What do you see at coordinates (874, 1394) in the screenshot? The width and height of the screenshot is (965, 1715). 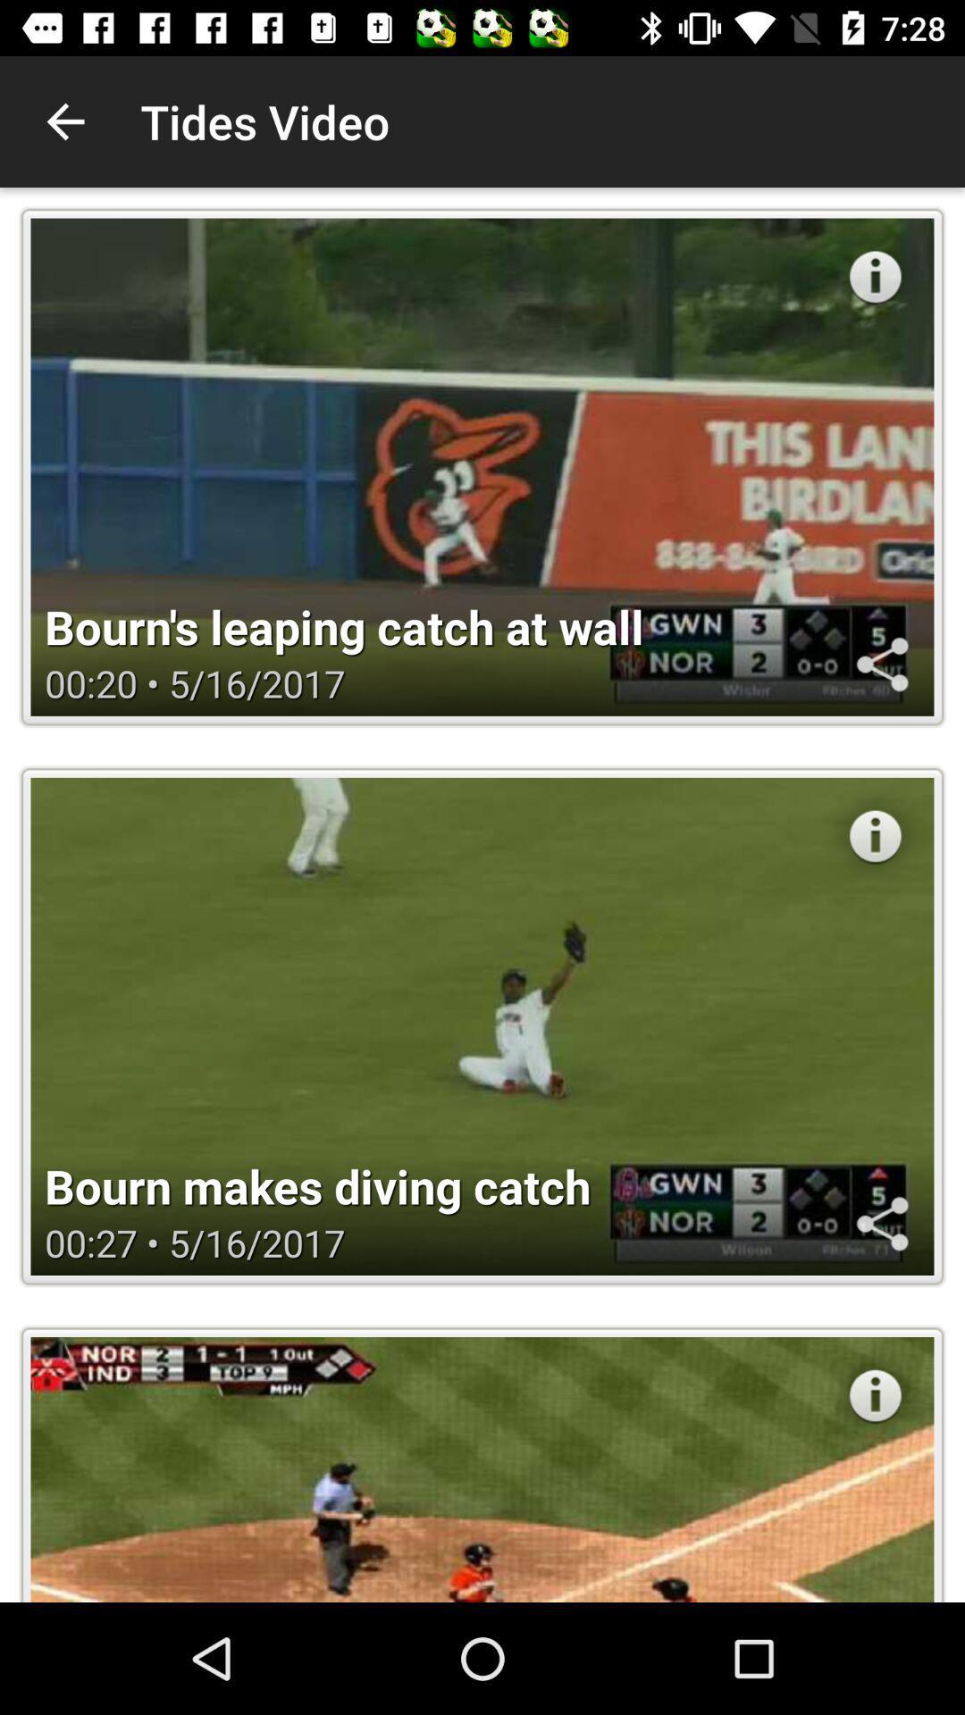 I see `information` at bounding box center [874, 1394].